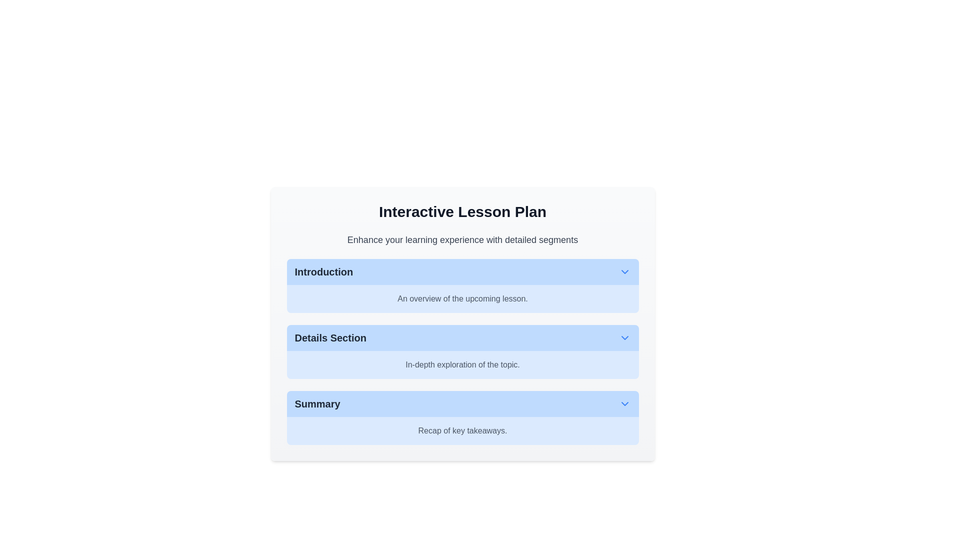 Image resolution: width=960 pixels, height=540 pixels. I want to click on the text label reading 'In-depth exploration of the topic.' located in the 'Details Section' below its header, so click(462, 364).